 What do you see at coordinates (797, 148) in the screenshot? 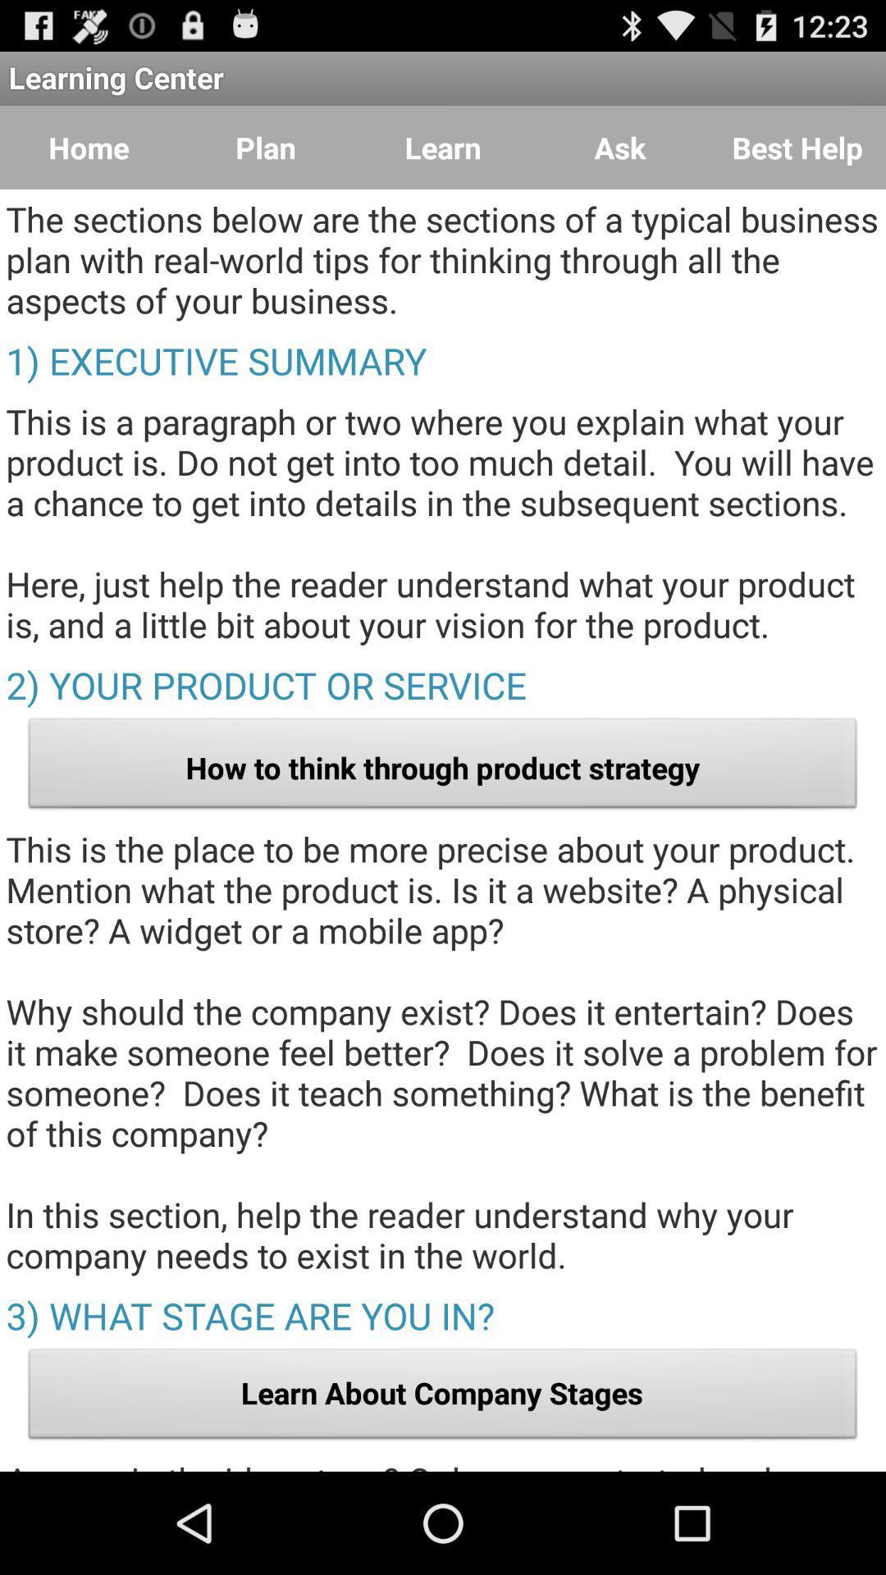
I see `best help item` at bounding box center [797, 148].